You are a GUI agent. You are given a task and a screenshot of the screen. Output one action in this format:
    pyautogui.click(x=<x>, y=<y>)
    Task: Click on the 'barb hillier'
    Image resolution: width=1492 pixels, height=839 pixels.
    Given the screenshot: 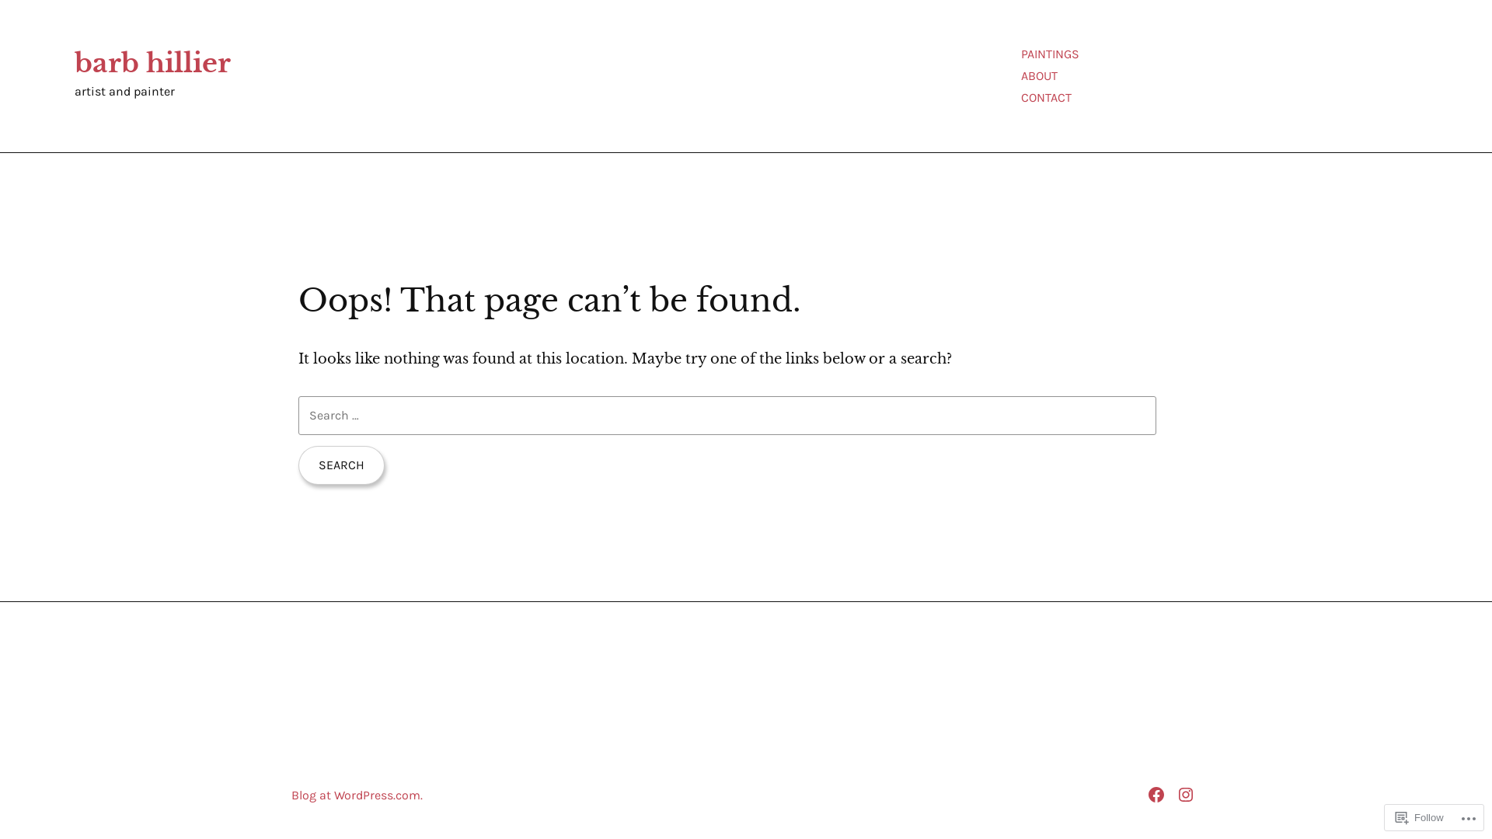 What is the action you would take?
    pyautogui.click(x=74, y=62)
    